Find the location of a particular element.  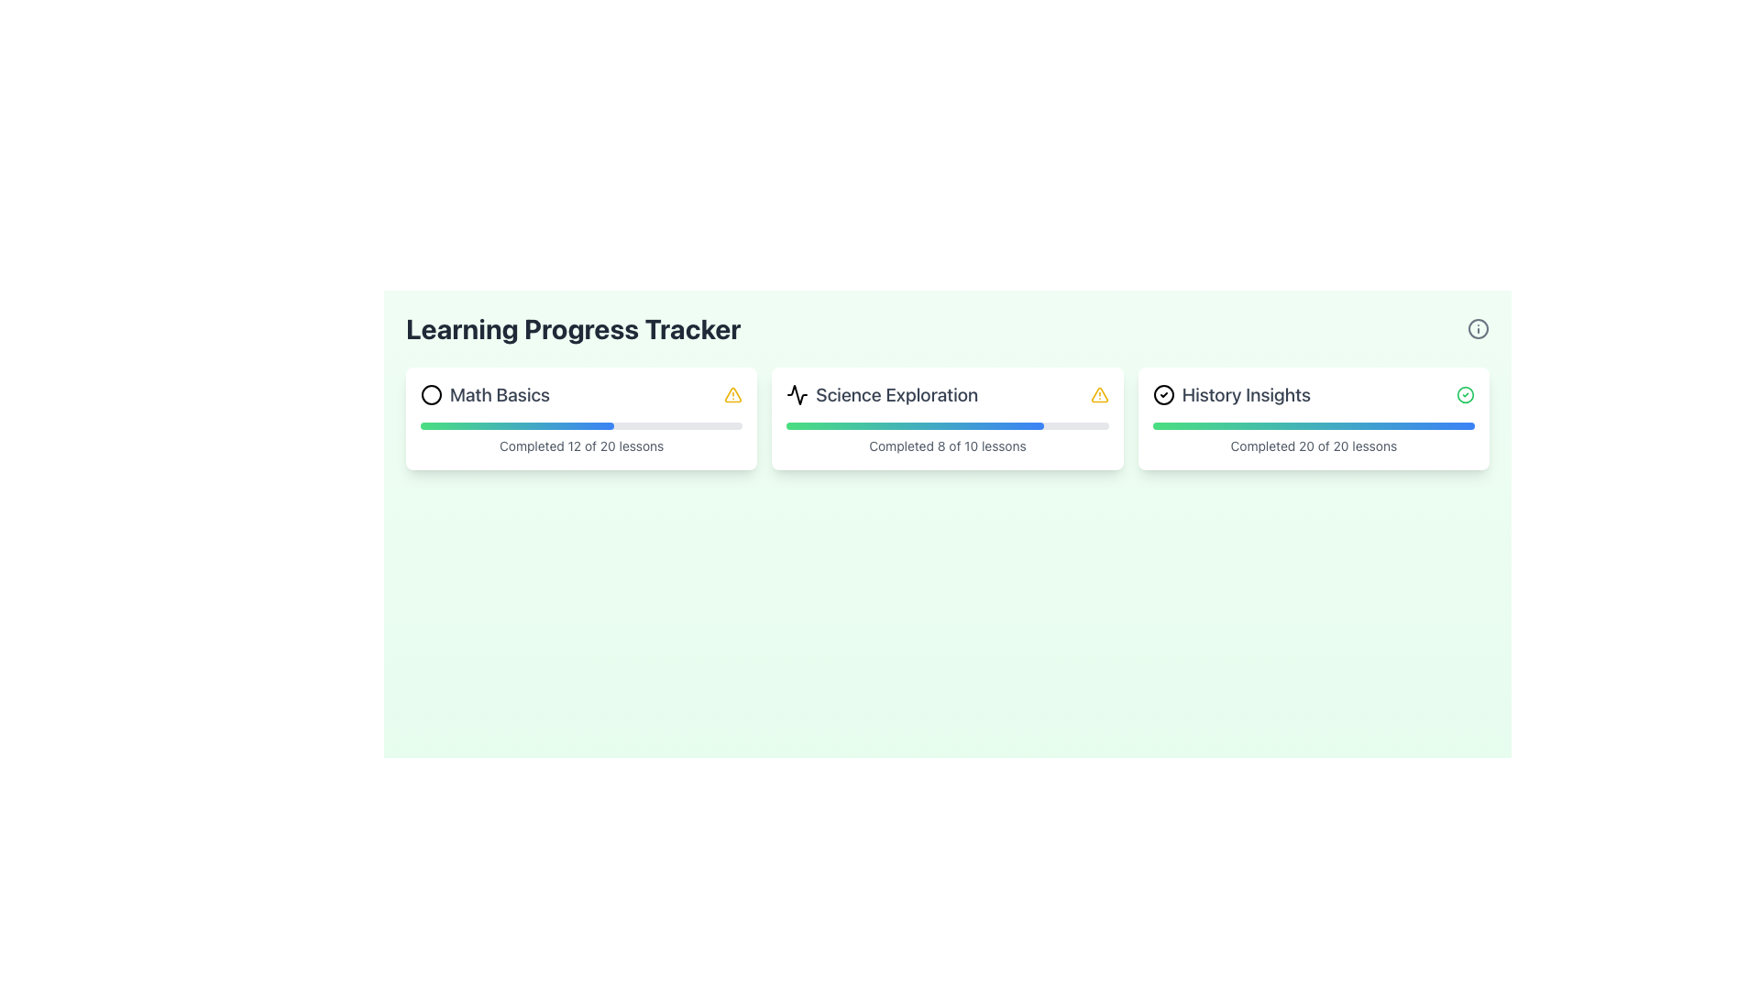

the visual alert indicator icon located next to the 'Math Basics' text, which serves as a warning related to Math Basics is located at coordinates (733, 394).